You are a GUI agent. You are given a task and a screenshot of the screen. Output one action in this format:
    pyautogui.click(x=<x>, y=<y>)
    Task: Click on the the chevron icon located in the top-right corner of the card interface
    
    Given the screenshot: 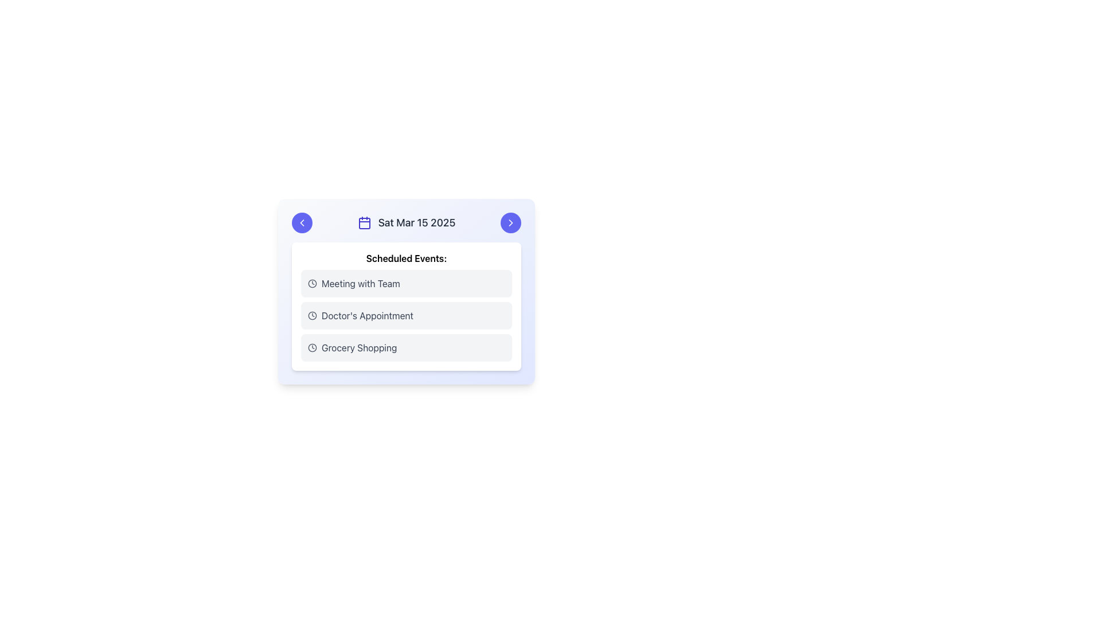 What is the action you would take?
    pyautogui.click(x=510, y=223)
    